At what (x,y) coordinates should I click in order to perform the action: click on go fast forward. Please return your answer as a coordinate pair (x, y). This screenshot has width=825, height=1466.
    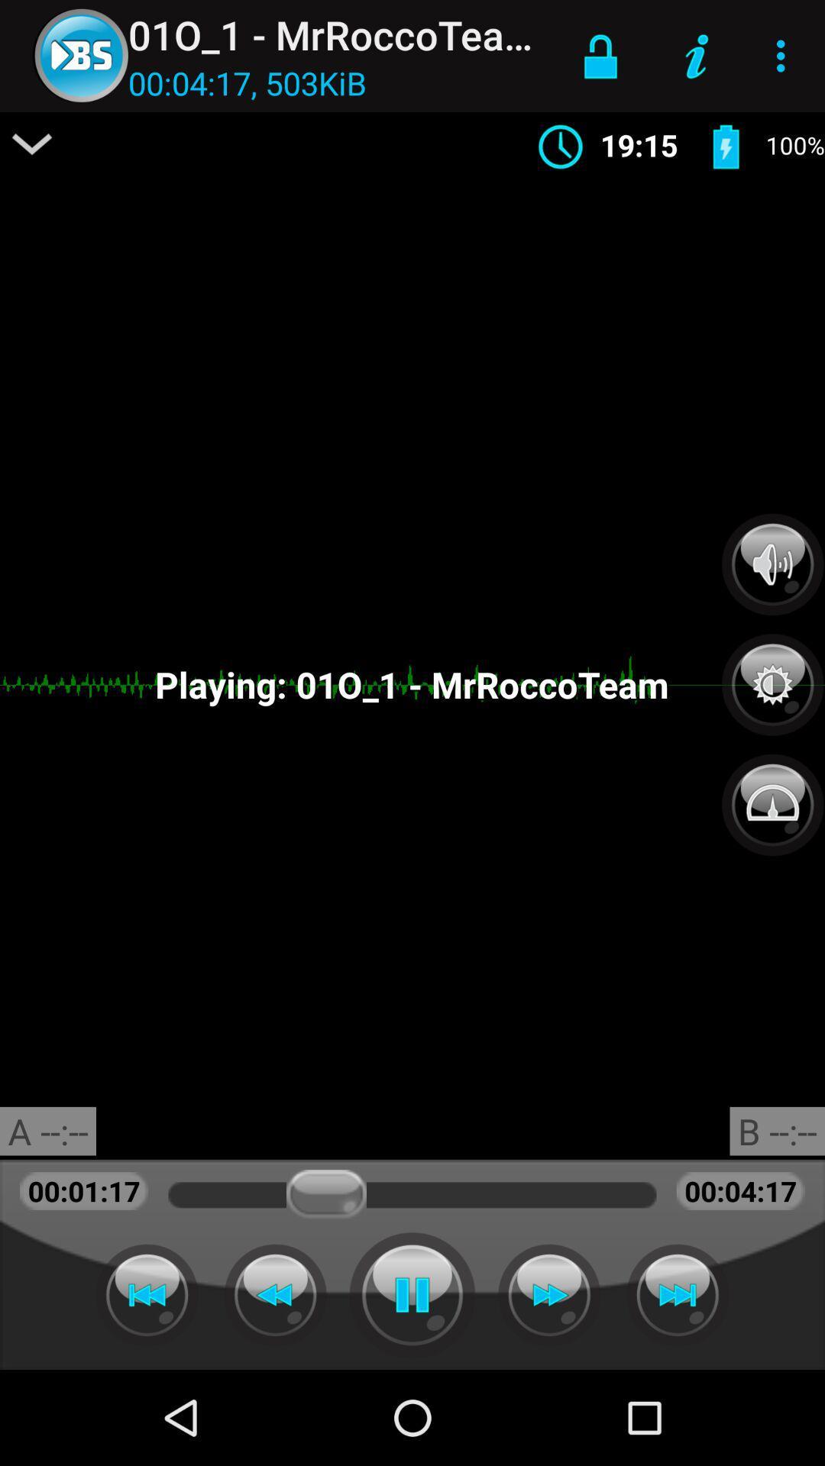
    Looking at the image, I should click on (548, 1294).